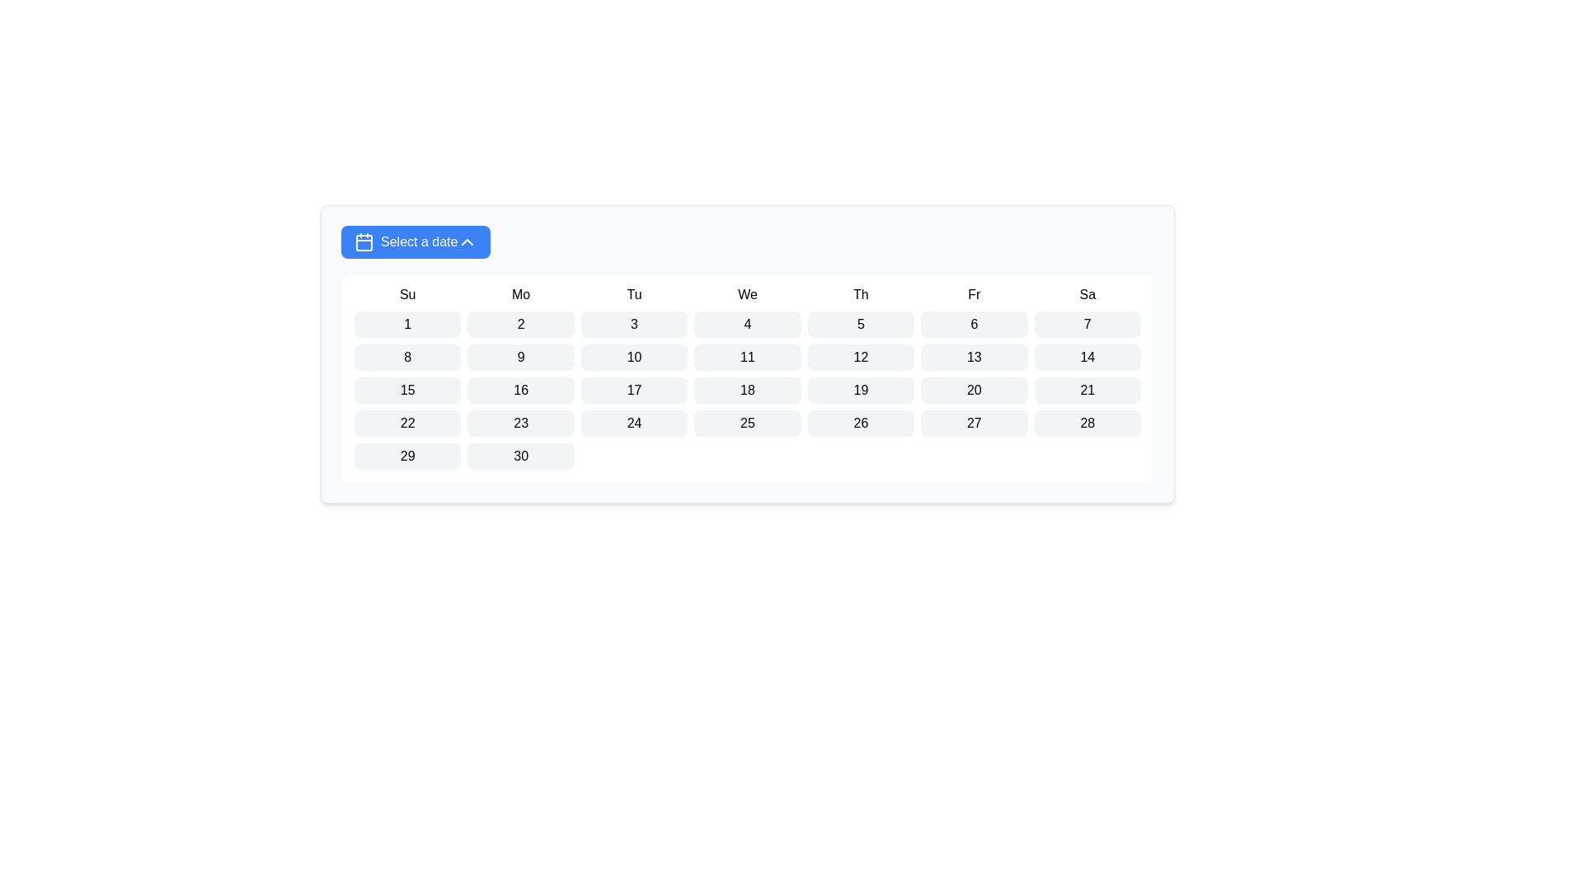  What do you see at coordinates (1087, 294) in the screenshot?
I see `the text label displaying the abbreviation 'Sa', which is located in the seventh column of a grid layout for the days of the week` at bounding box center [1087, 294].